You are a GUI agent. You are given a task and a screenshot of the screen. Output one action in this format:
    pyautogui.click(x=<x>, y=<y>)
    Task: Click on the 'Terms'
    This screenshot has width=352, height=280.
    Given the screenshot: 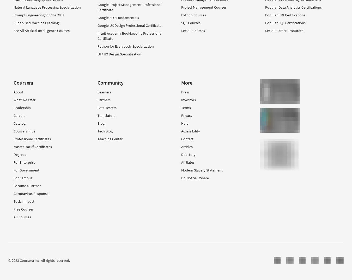 What is the action you would take?
    pyautogui.click(x=186, y=108)
    